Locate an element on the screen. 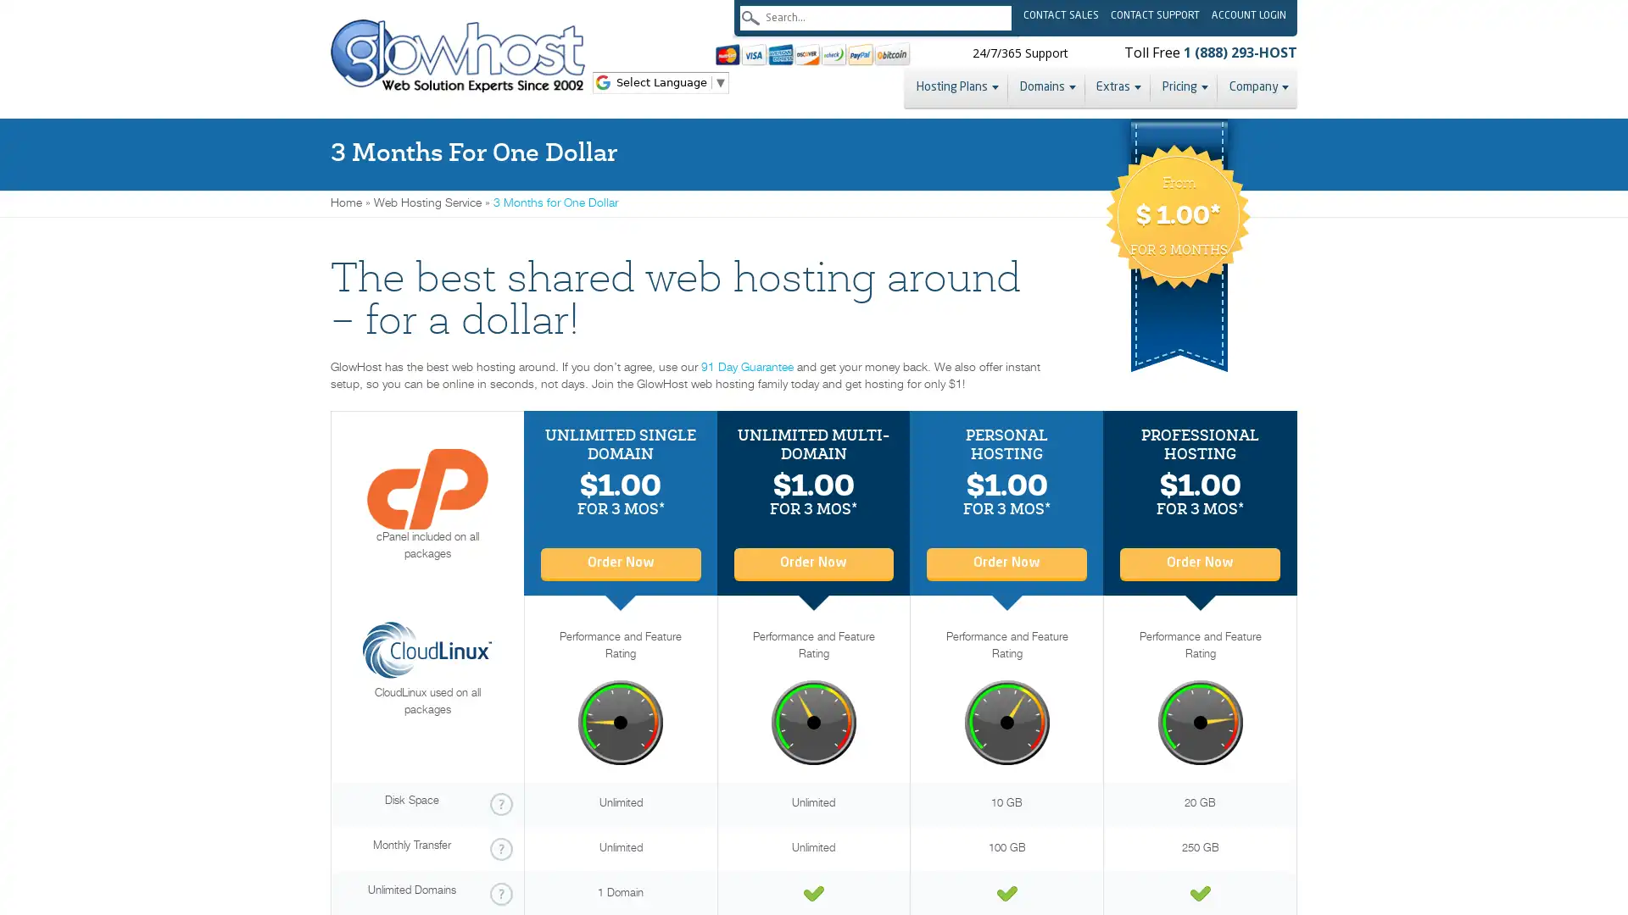 This screenshot has width=1628, height=915. Order Now is located at coordinates (619, 562).